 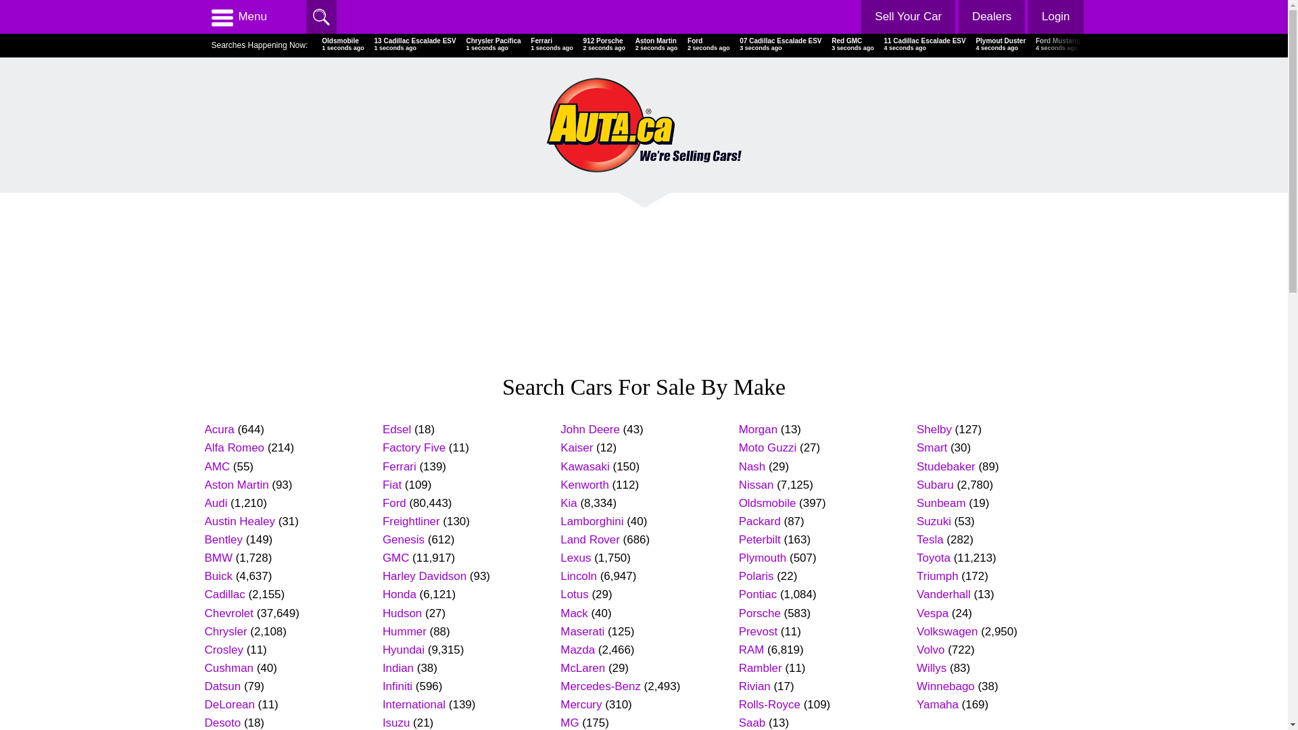 I want to click on 'Nissan', so click(x=755, y=484).